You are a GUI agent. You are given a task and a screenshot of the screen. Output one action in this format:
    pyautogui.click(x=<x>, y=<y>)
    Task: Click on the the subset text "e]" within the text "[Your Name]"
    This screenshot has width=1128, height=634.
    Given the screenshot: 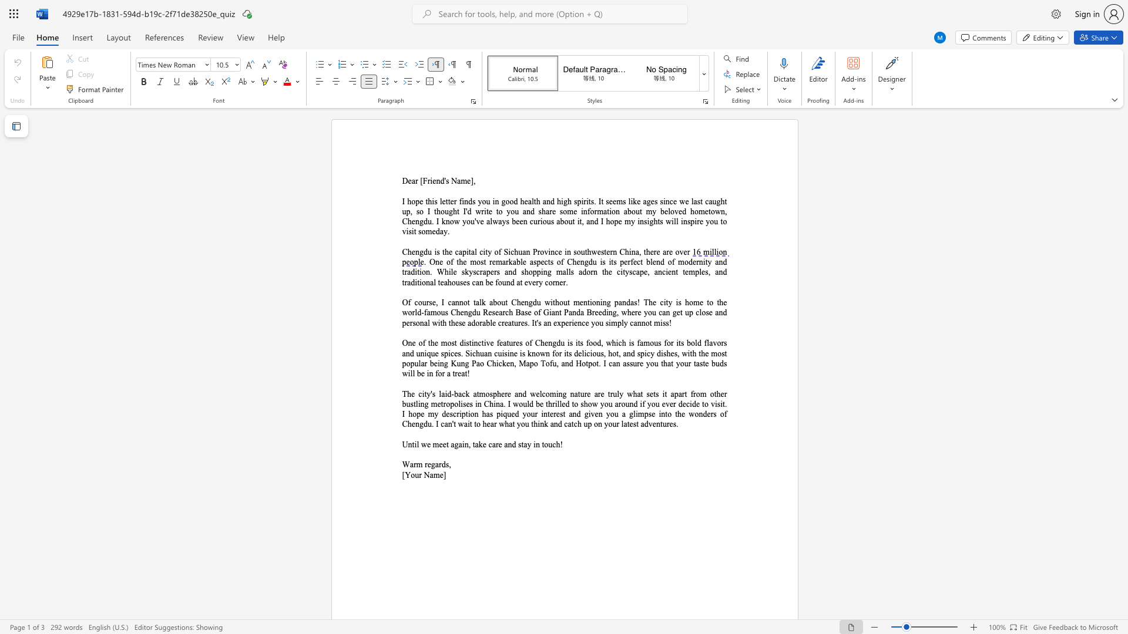 What is the action you would take?
    pyautogui.click(x=439, y=474)
    